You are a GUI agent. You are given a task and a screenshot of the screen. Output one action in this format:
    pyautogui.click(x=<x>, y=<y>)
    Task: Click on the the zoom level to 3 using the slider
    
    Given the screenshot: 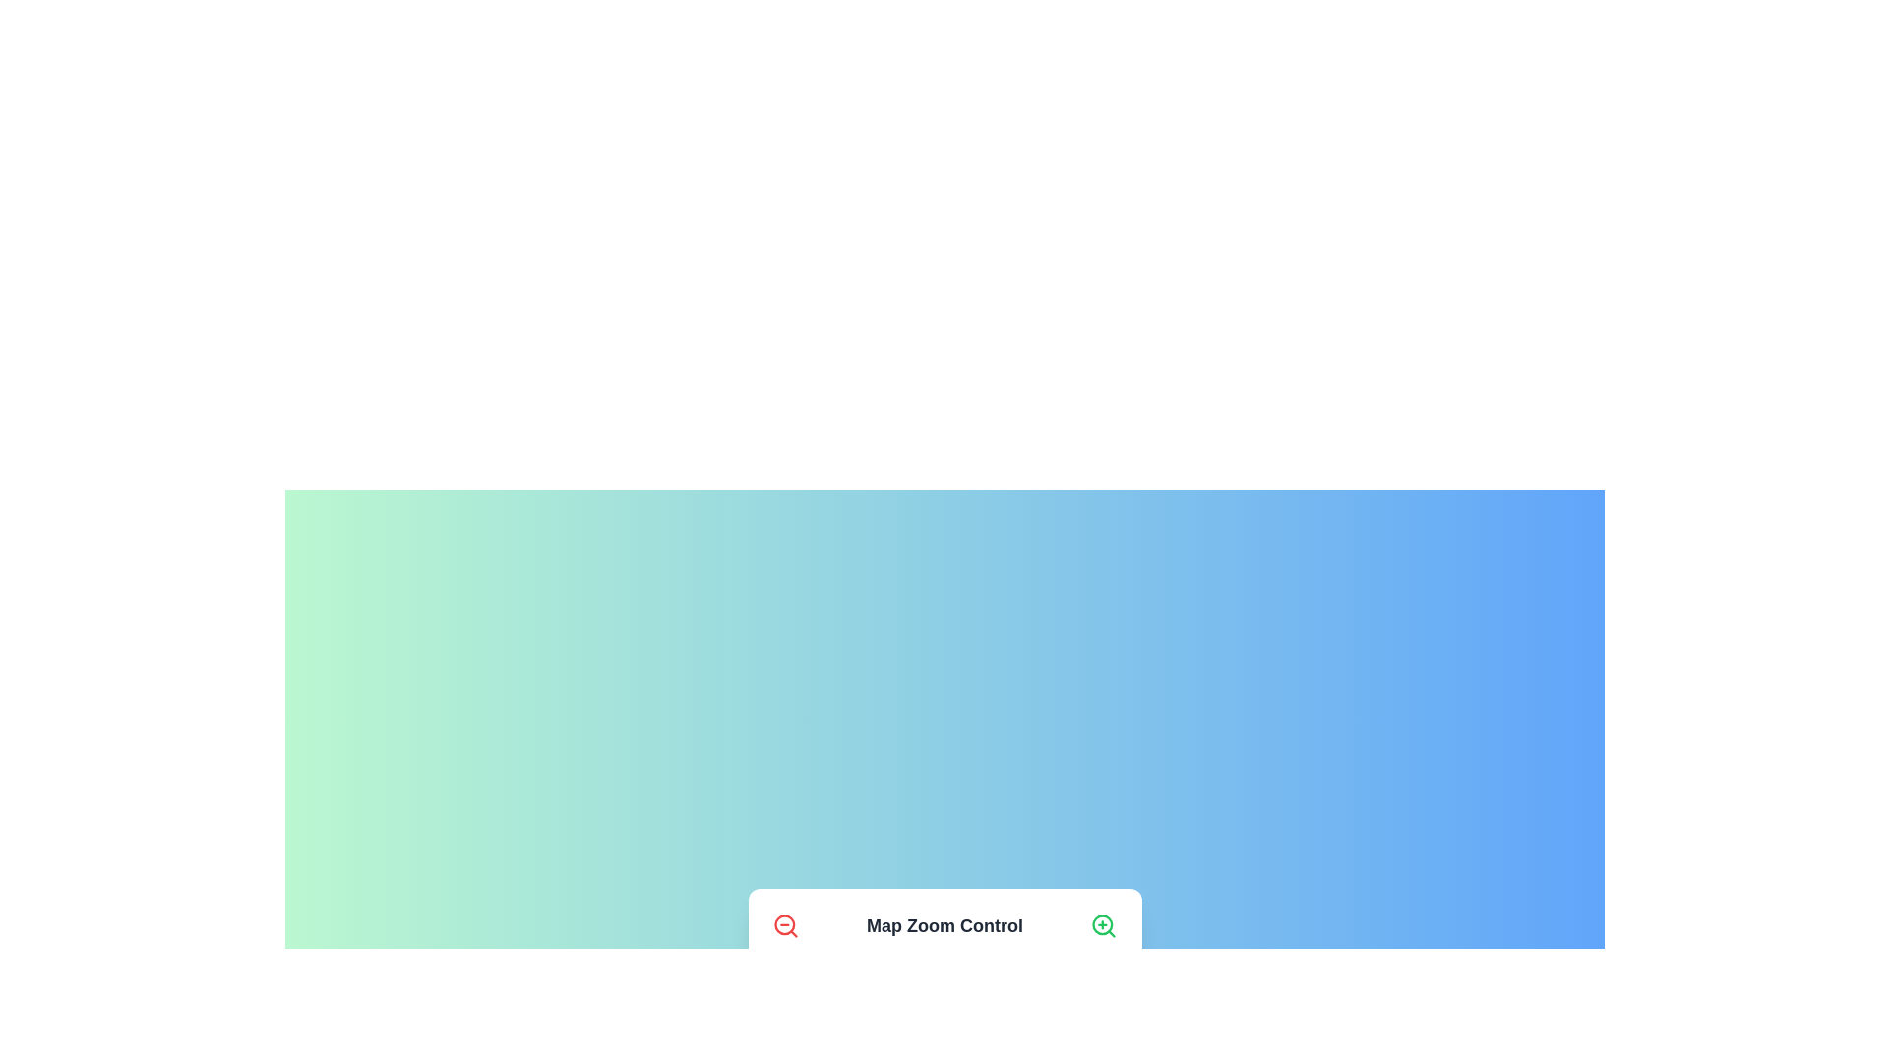 What is the action you would take?
    pyautogui.click(x=848, y=994)
    